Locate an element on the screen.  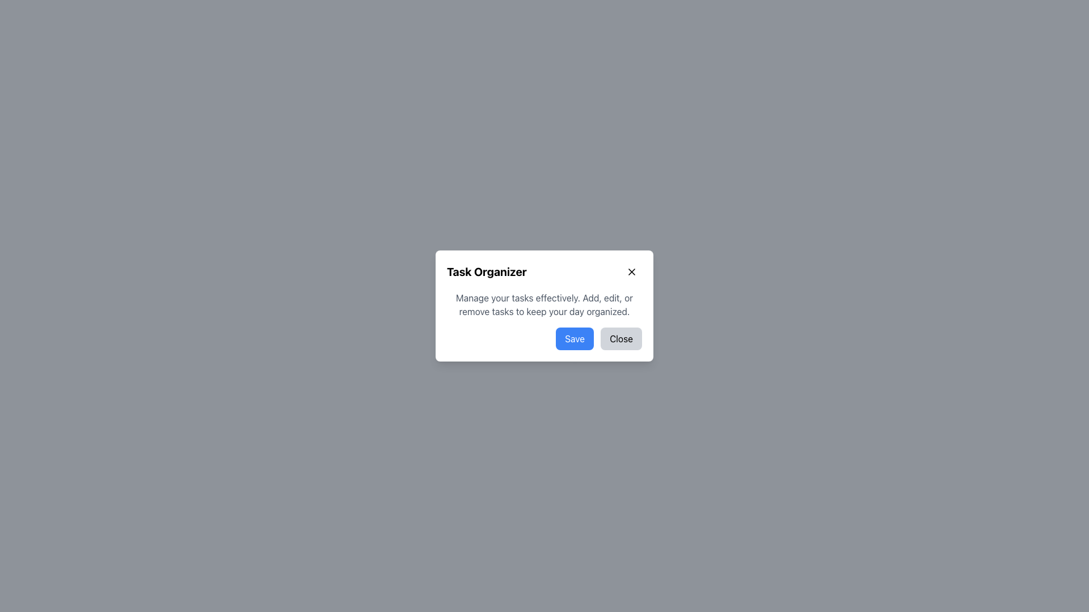
the close button located at the top-right corner of the 'Task Organizer' modal is located at coordinates (631, 271).